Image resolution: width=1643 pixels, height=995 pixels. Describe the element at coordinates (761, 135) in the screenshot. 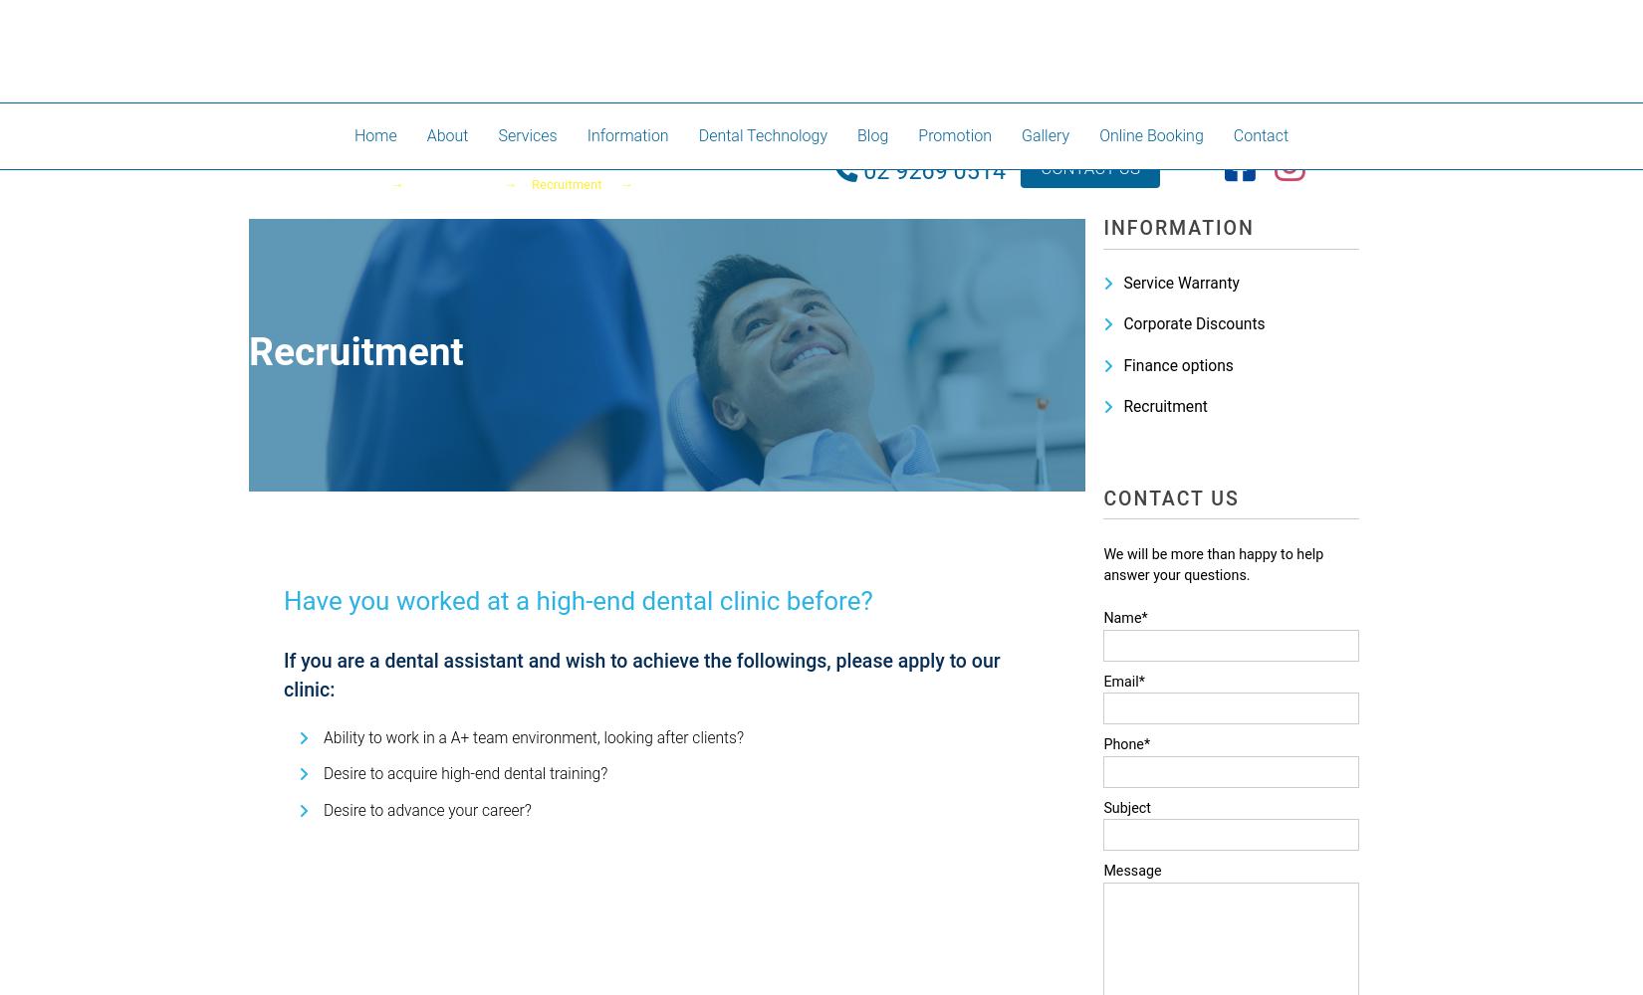

I see `'Dental Technology'` at that location.